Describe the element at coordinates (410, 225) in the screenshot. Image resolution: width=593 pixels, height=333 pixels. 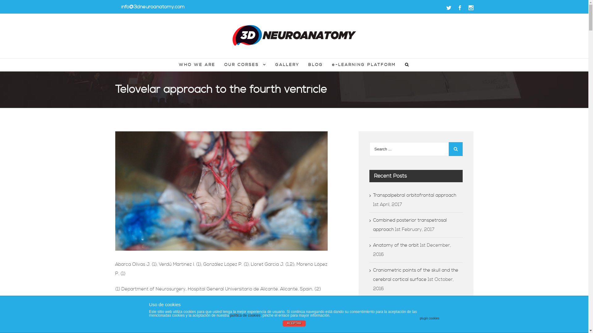
I see `'Combined posterior transpetrosal approach'` at that location.